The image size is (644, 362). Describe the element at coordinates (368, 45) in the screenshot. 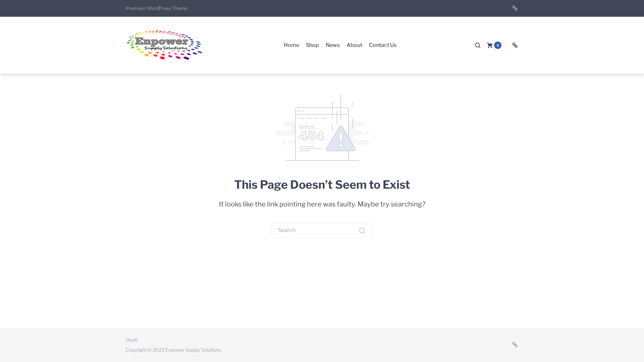

I see `'Contact Us'` at that location.